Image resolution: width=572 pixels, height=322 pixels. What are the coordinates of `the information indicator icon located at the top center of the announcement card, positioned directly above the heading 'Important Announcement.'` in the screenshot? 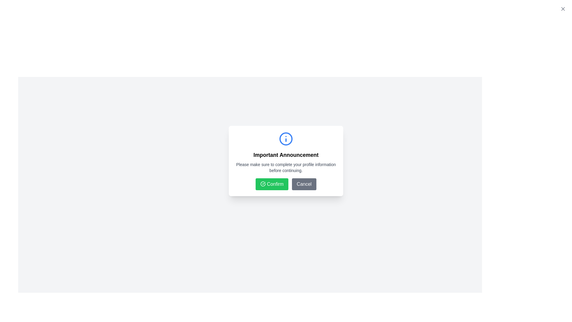 It's located at (286, 139).